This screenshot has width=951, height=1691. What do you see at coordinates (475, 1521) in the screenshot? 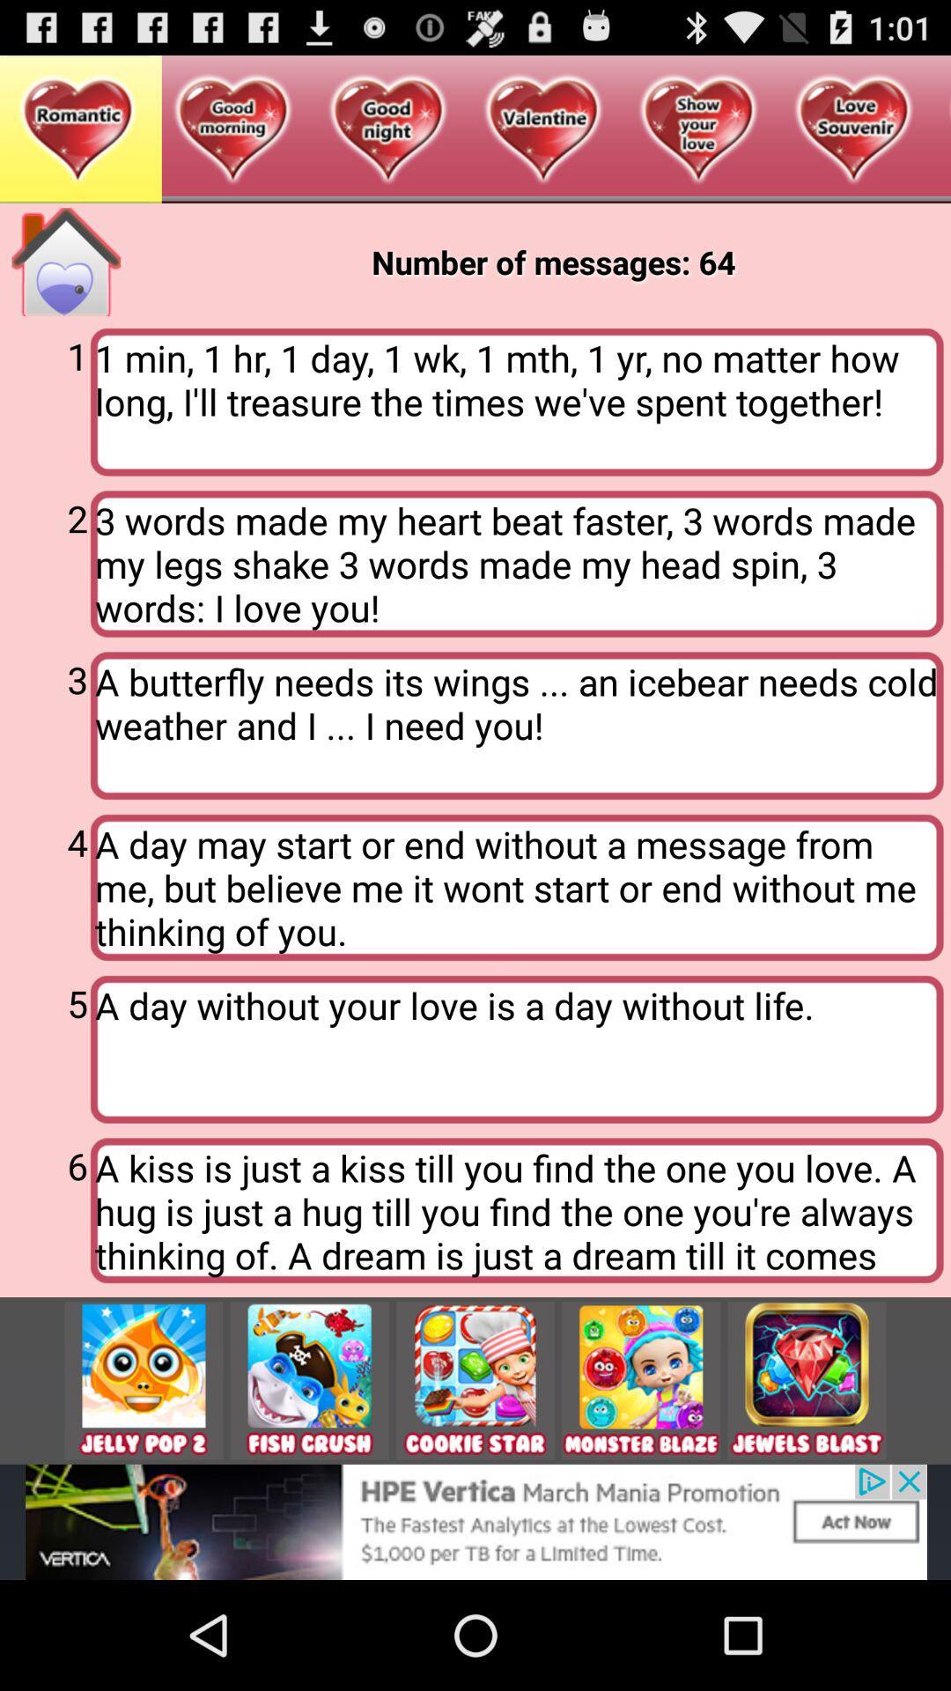
I see `open advertisement` at bounding box center [475, 1521].